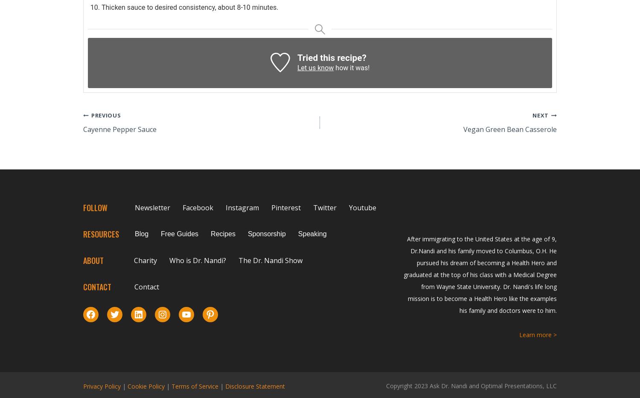 Image resolution: width=640 pixels, height=398 pixels. What do you see at coordinates (266, 233) in the screenshot?
I see `'Sponsorship'` at bounding box center [266, 233].